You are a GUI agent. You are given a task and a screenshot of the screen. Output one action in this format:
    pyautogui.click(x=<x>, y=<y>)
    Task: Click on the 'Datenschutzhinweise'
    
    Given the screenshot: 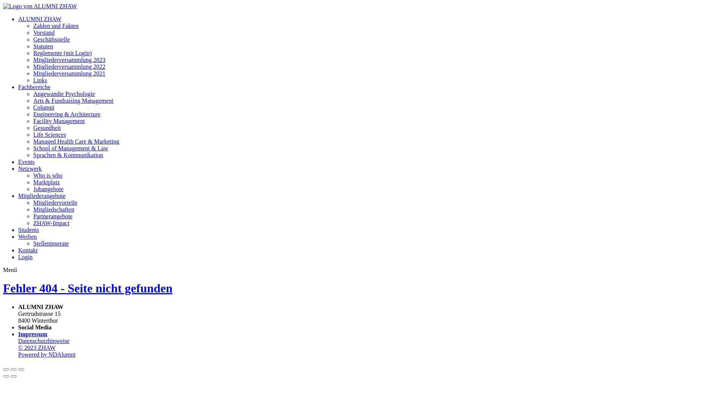 What is the action you would take?
    pyautogui.click(x=43, y=341)
    